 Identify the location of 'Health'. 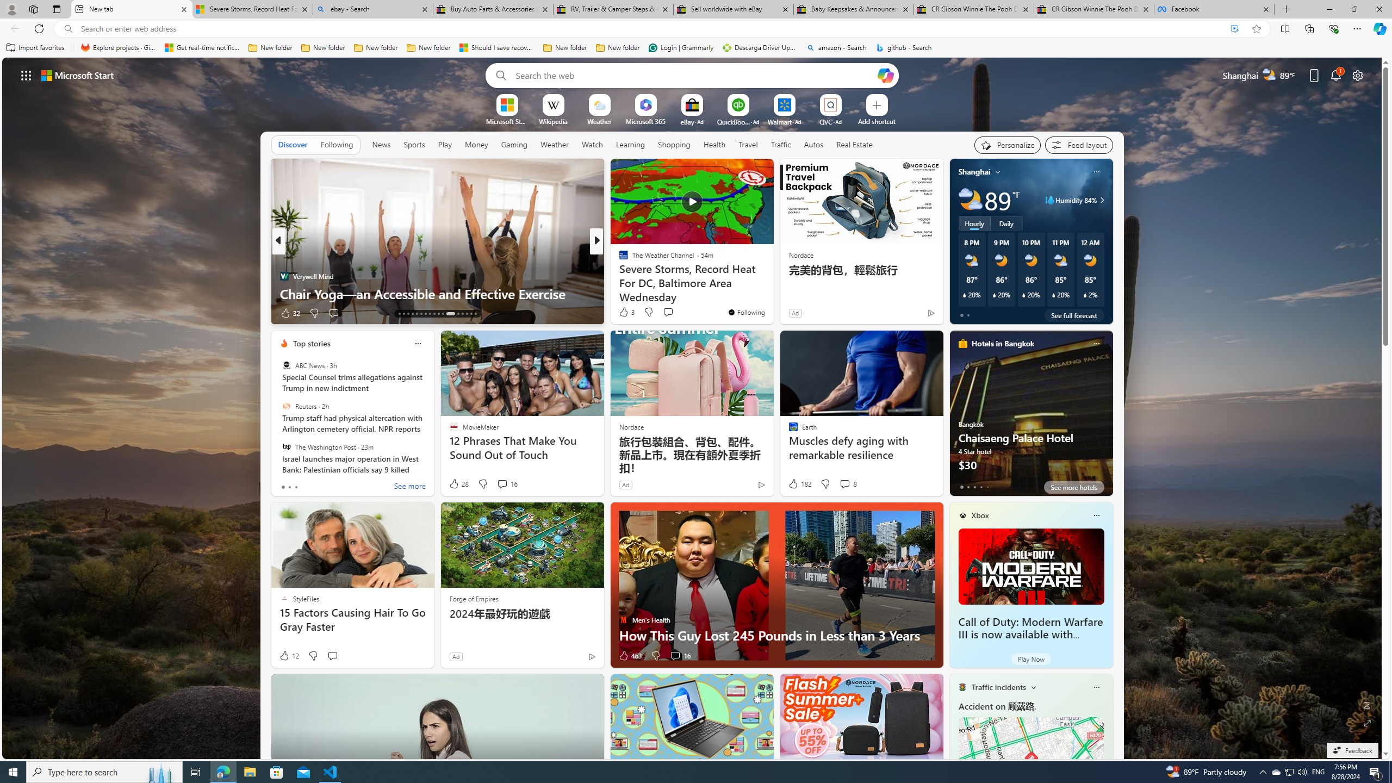
(713, 144).